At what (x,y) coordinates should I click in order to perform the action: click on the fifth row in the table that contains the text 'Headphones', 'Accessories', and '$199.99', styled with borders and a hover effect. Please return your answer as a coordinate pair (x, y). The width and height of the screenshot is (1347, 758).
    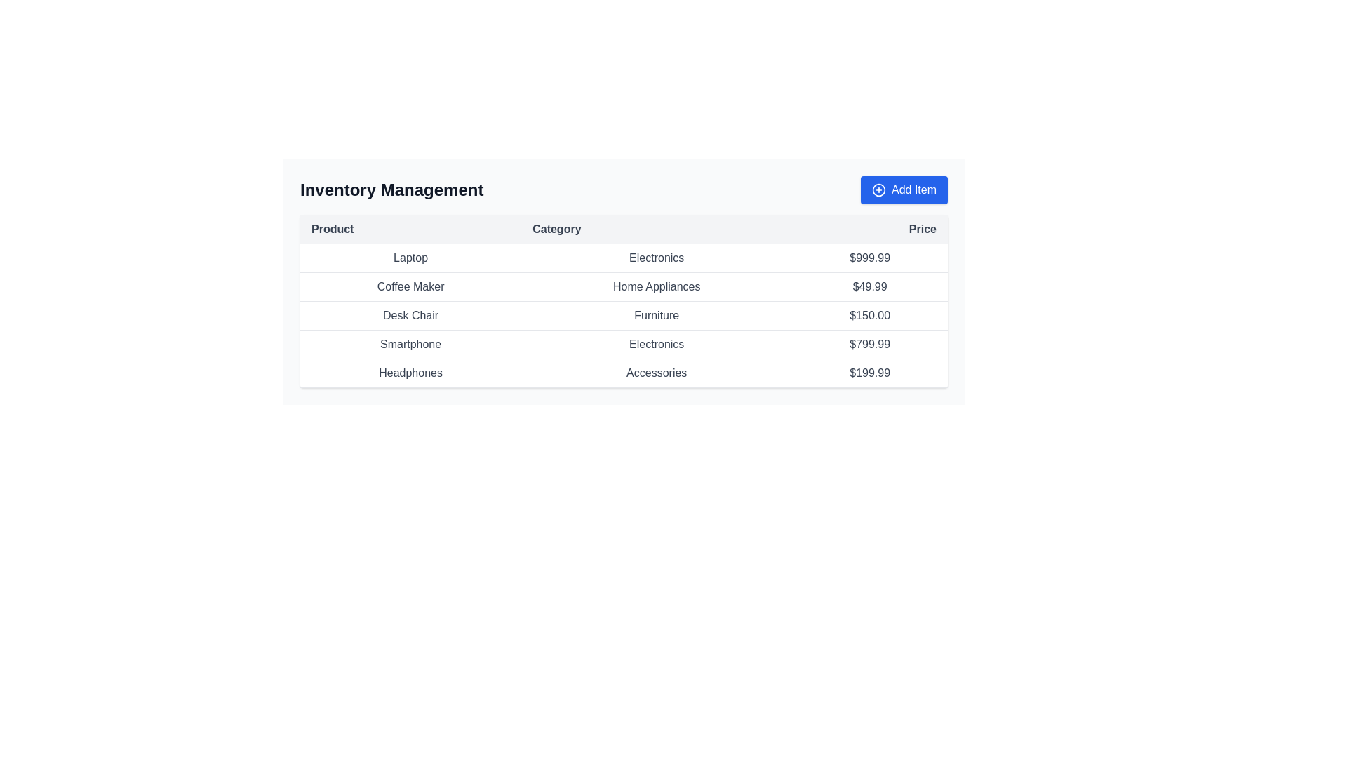
    Looking at the image, I should click on (623, 373).